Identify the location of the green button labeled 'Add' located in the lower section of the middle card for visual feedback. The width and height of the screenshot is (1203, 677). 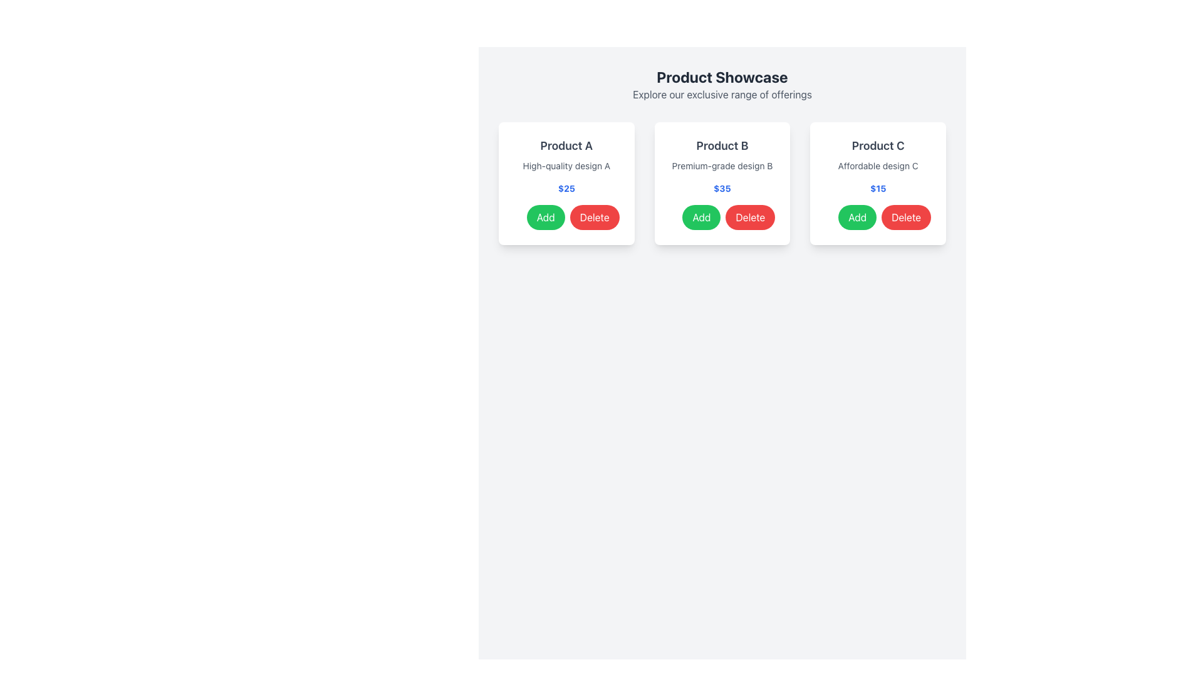
(700, 217).